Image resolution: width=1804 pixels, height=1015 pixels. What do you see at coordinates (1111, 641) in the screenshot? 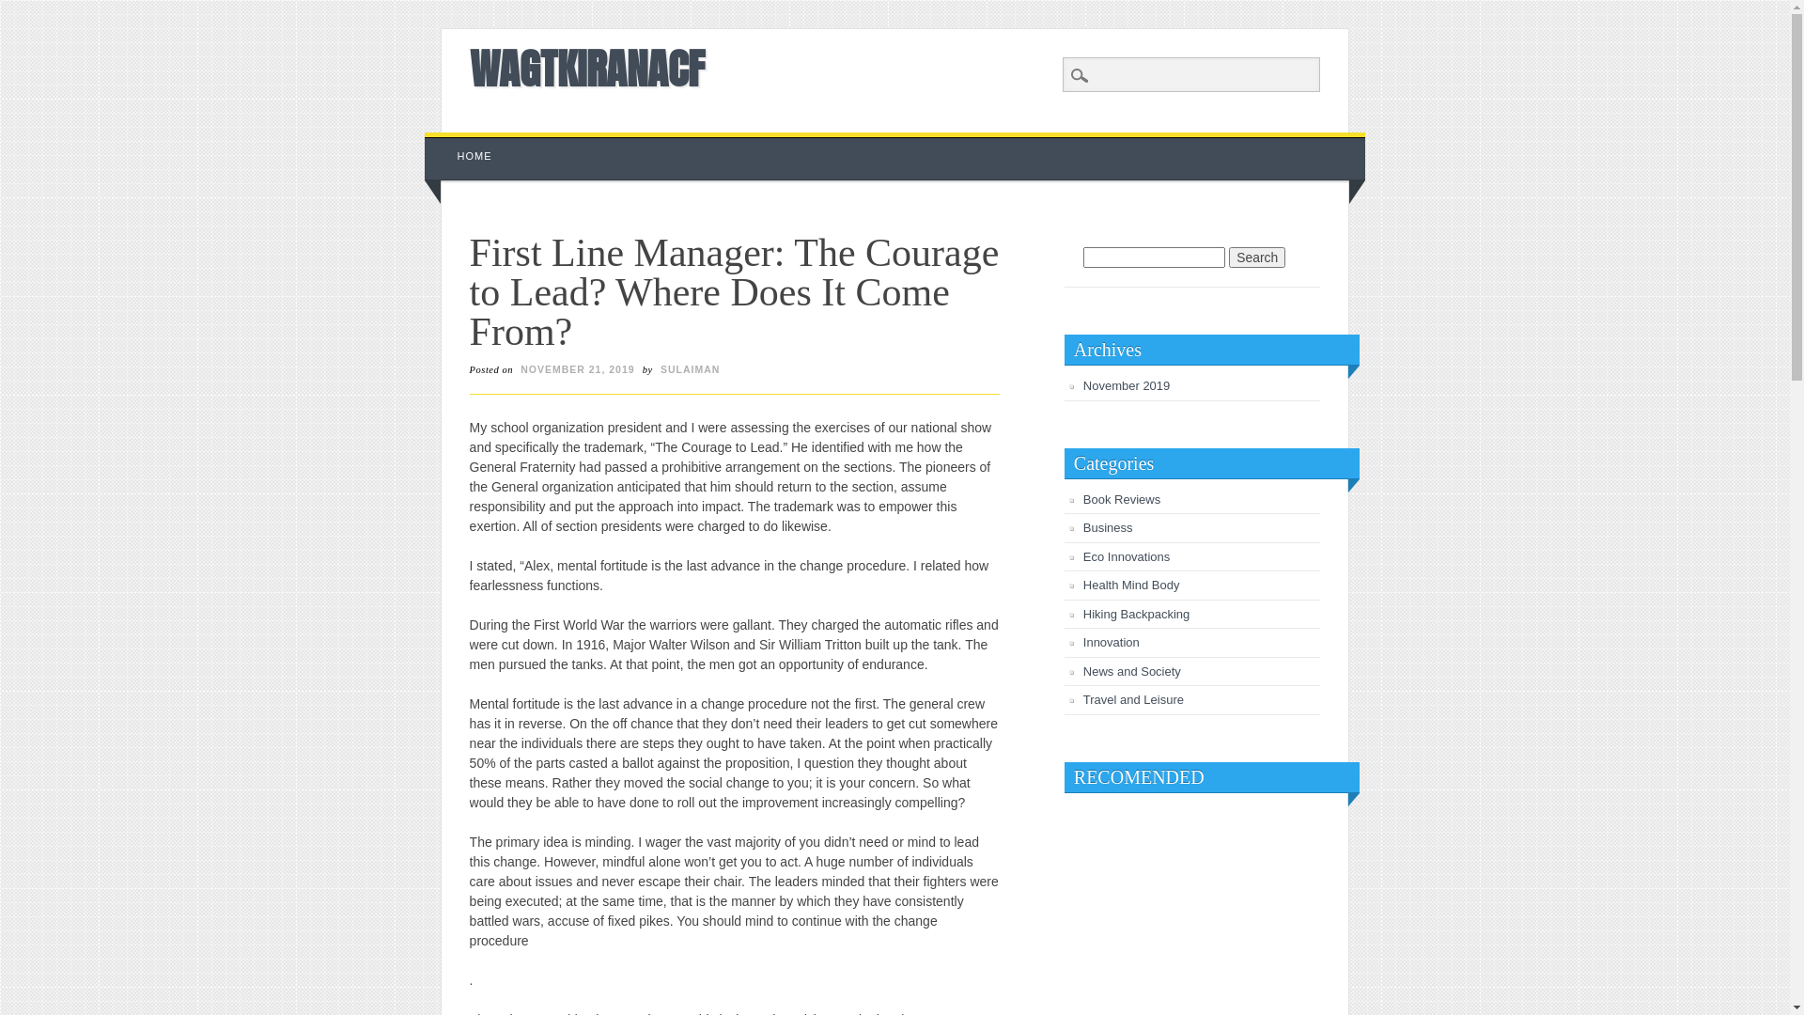
I see `'Innovation'` at bounding box center [1111, 641].